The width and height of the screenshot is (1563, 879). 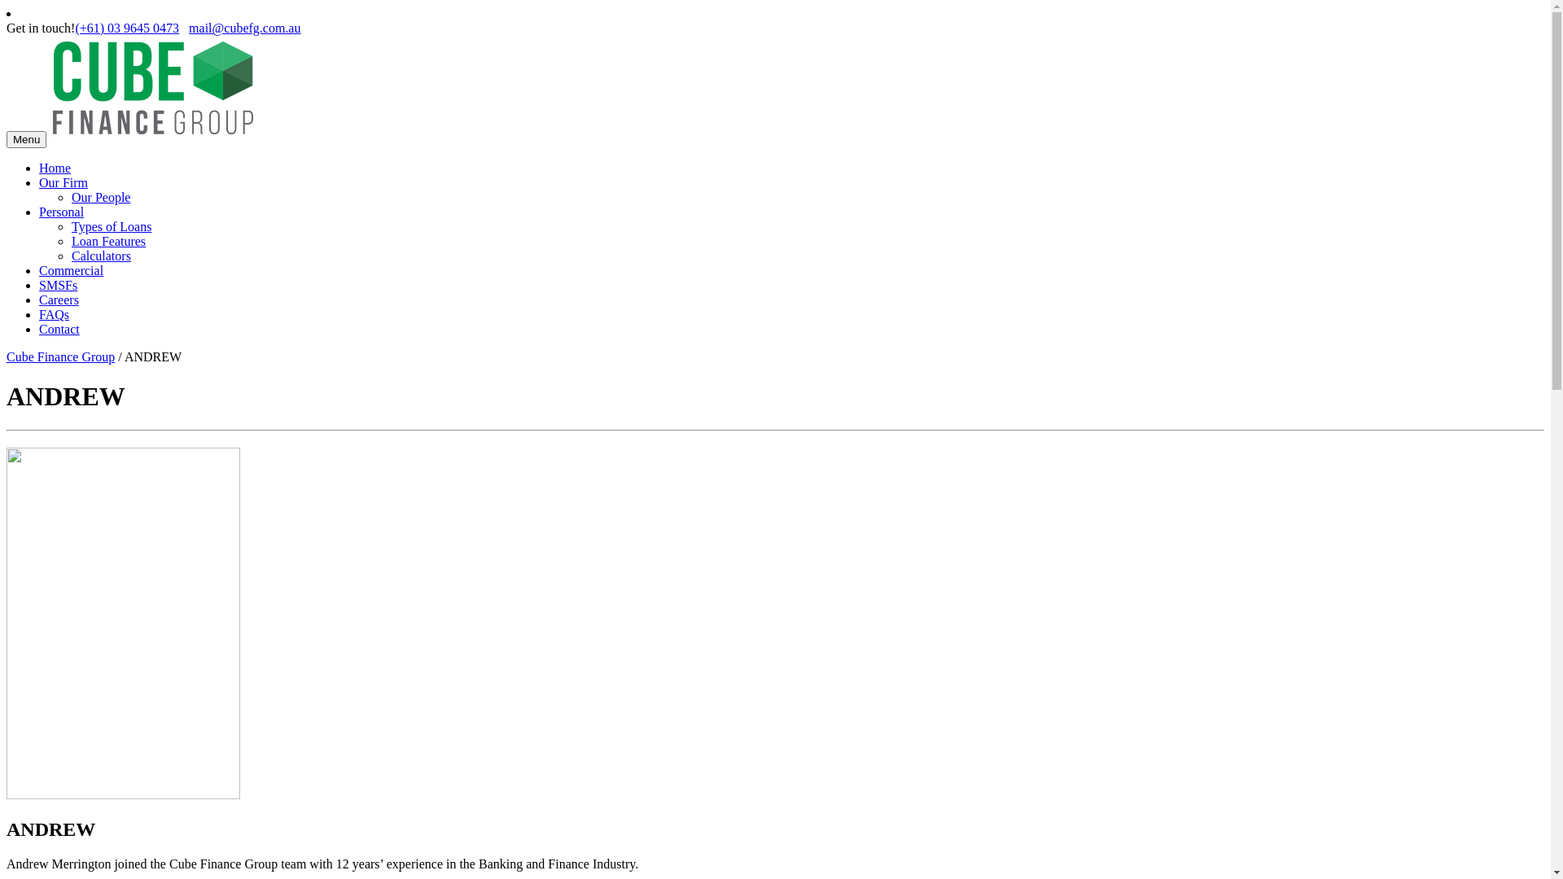 I want to click on '(+61) 03 9645 0473', so click(x=126, y=28).